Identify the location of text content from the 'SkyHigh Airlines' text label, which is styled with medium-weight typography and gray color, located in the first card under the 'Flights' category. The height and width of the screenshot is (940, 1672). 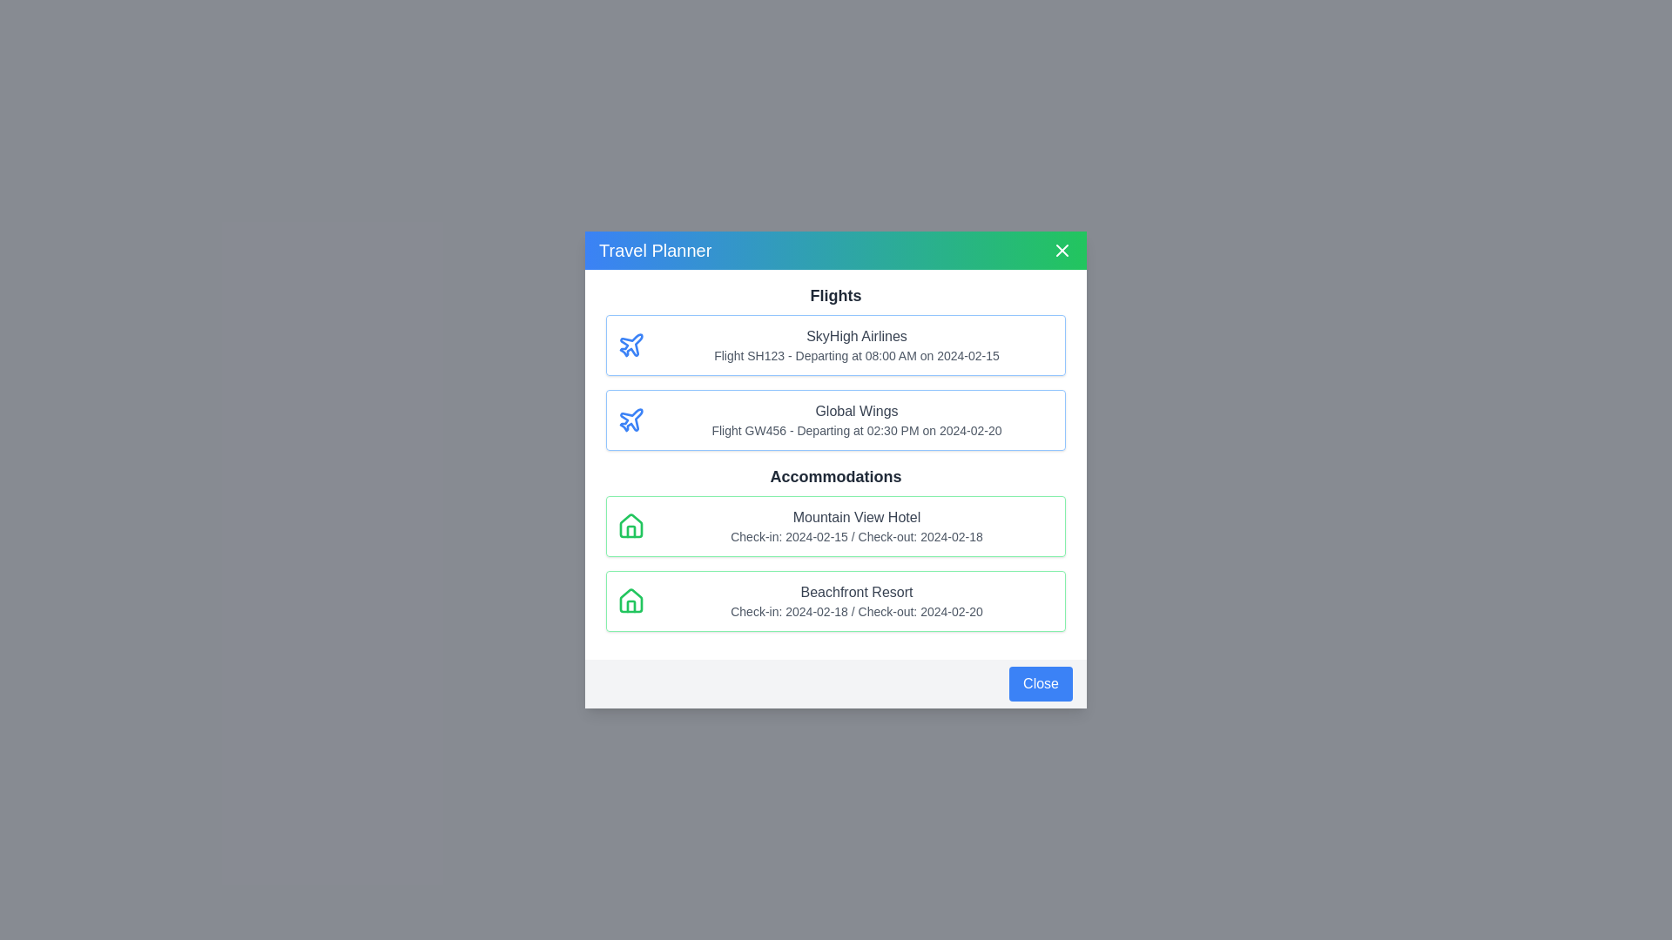
(856, 336).